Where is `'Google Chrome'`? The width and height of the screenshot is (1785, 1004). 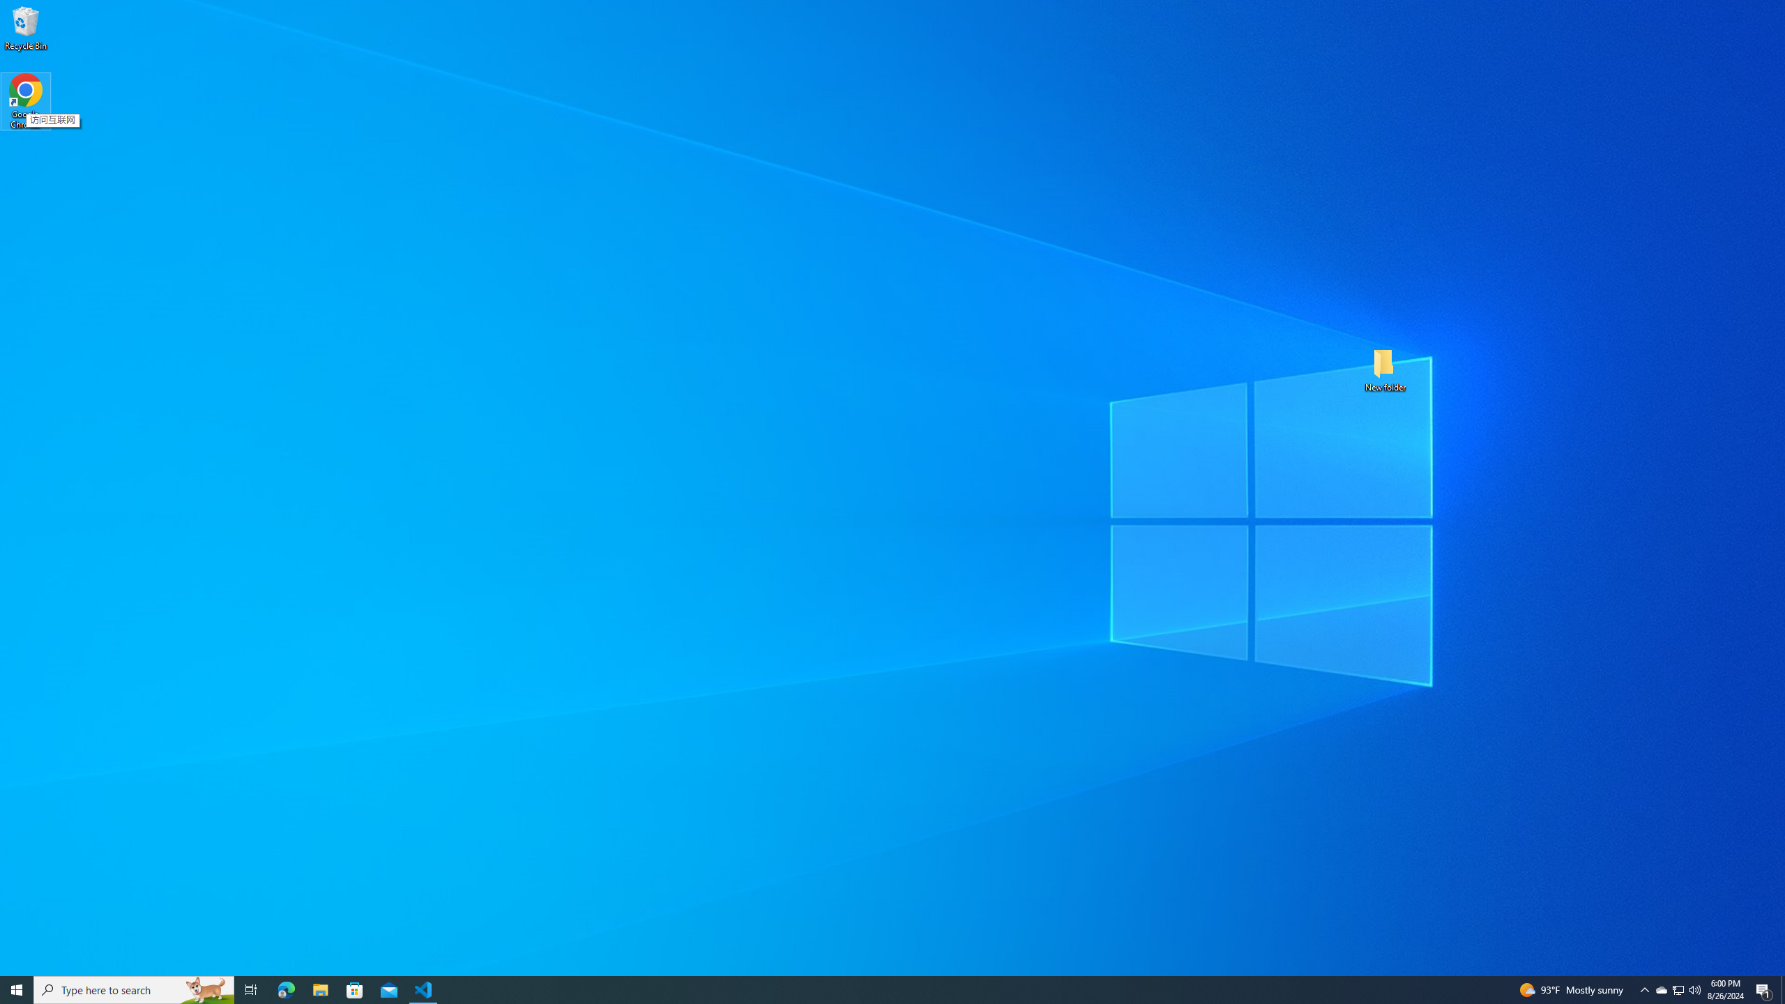 'Google Chrome' is located at coordinates (25, 101).